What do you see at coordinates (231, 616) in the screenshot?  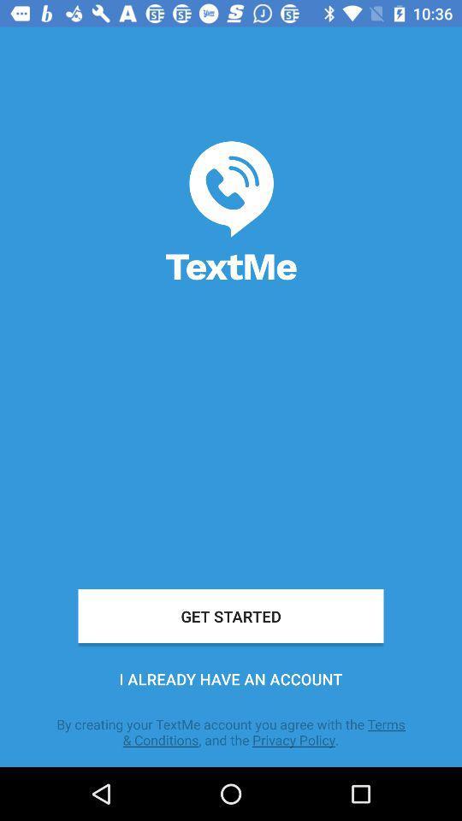 I see `the get started icon` at bounding box center [231, 616].